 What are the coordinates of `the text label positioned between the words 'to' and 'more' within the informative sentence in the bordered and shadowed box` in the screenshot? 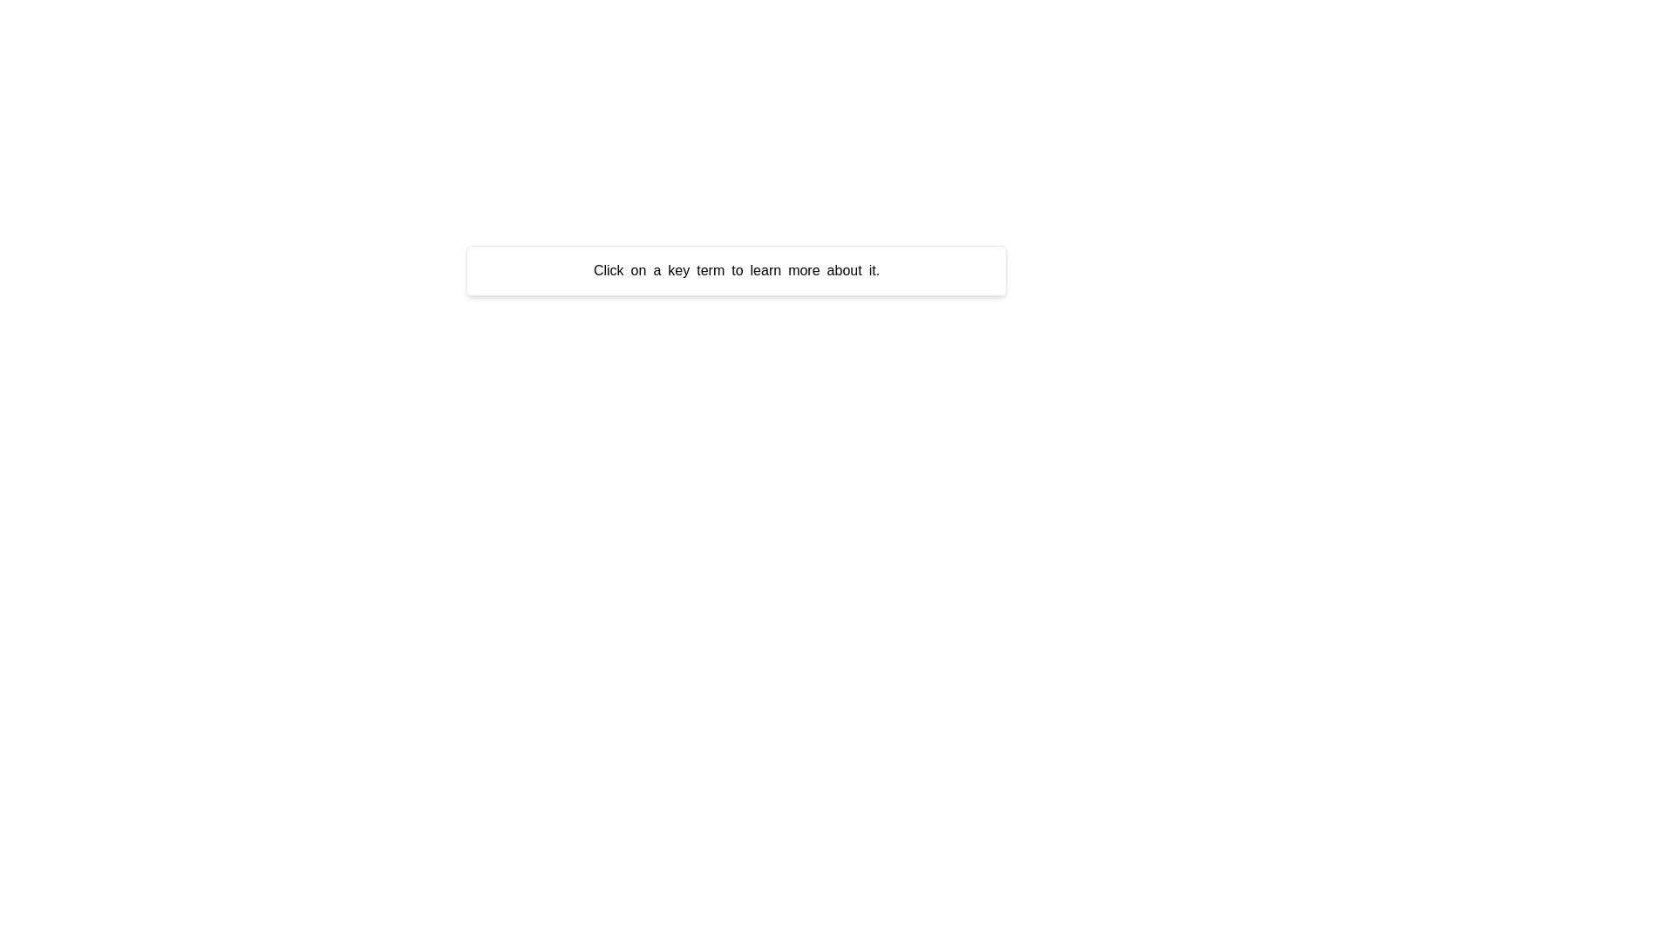 It's located at (766, 270).